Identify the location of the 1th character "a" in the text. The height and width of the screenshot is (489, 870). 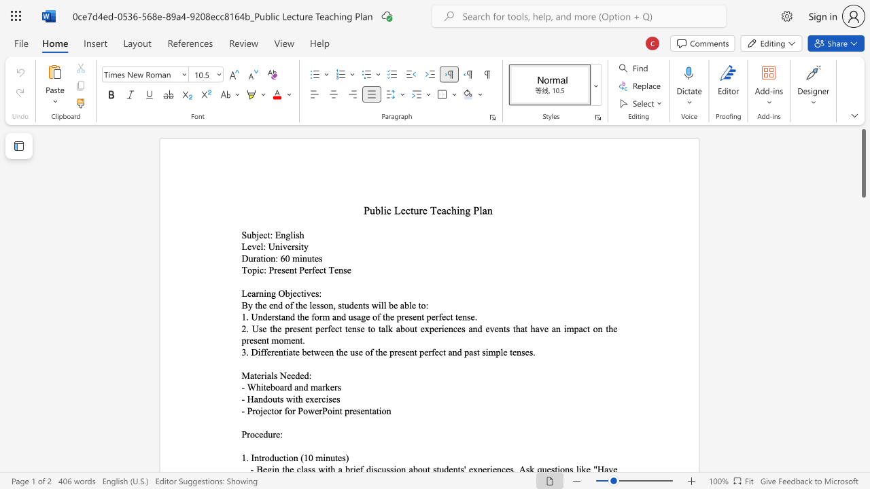
(258, 258).